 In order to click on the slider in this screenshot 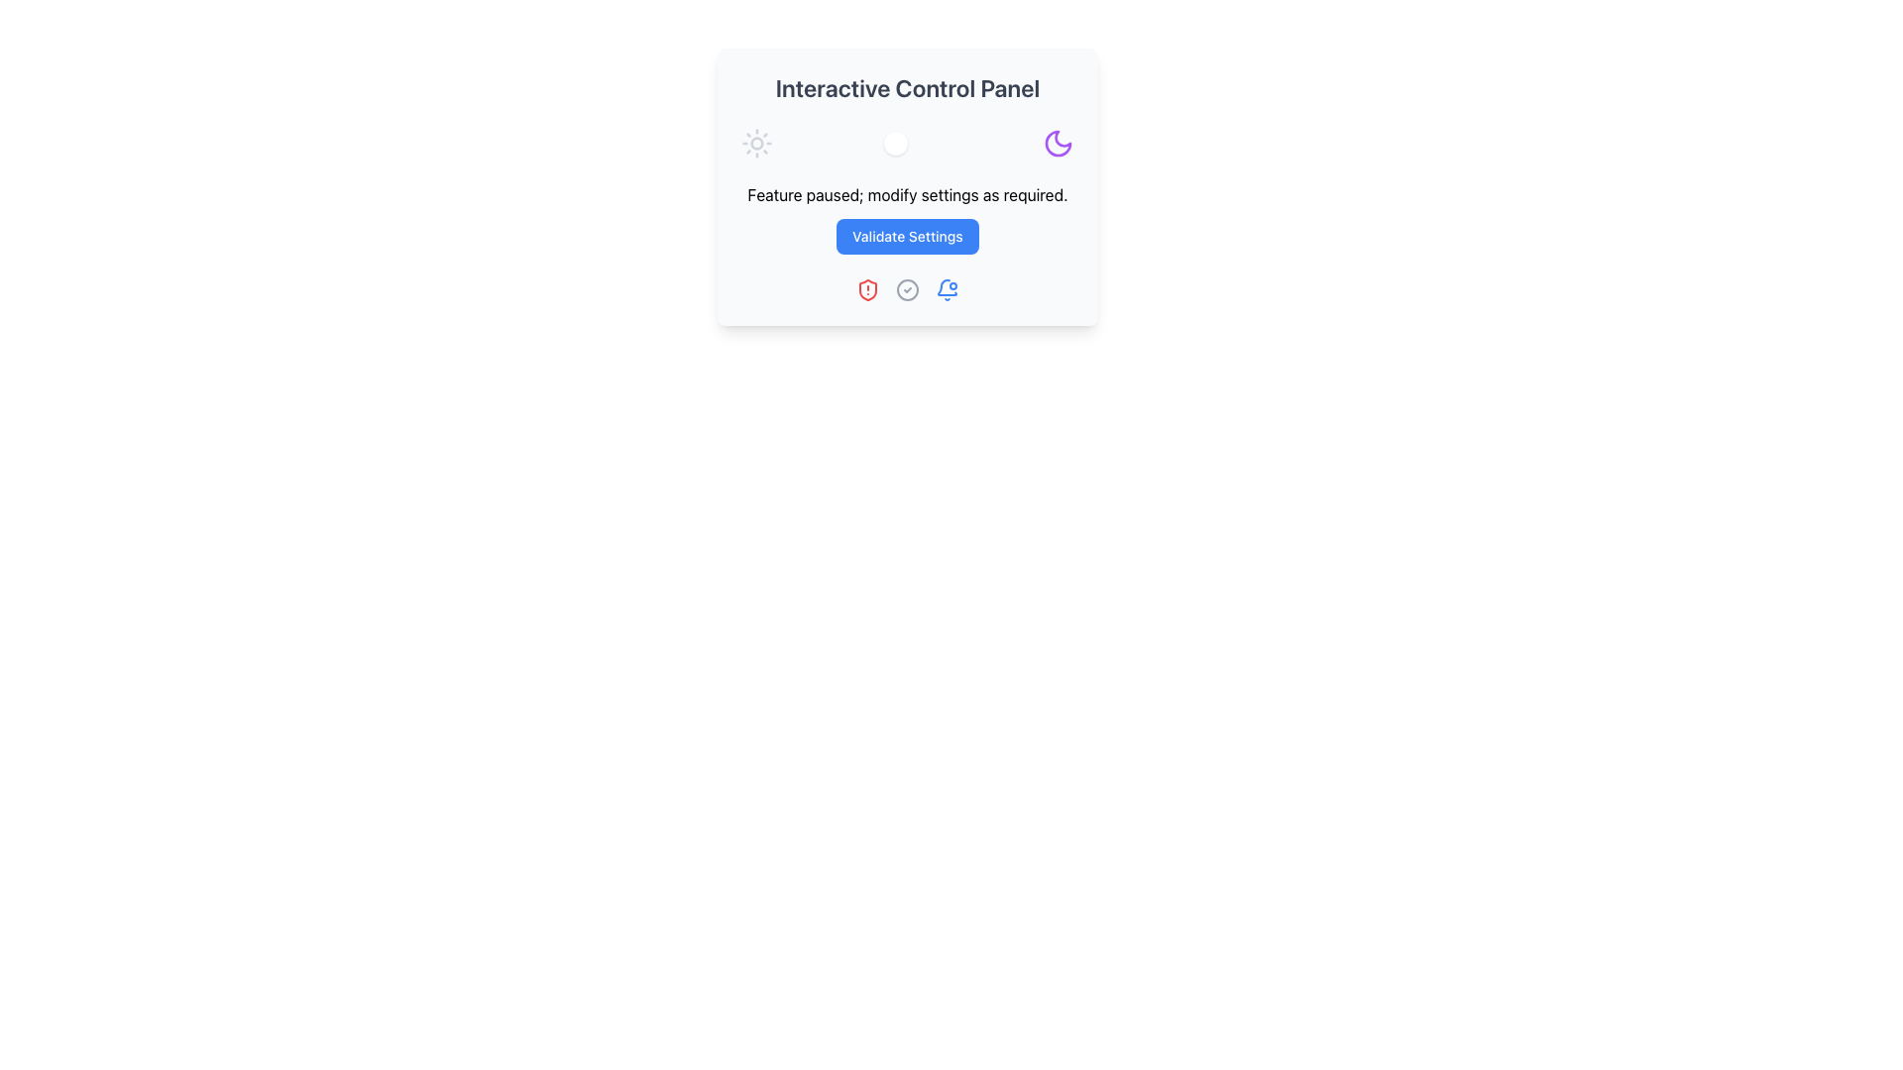, I will do `click(929, 143)`.